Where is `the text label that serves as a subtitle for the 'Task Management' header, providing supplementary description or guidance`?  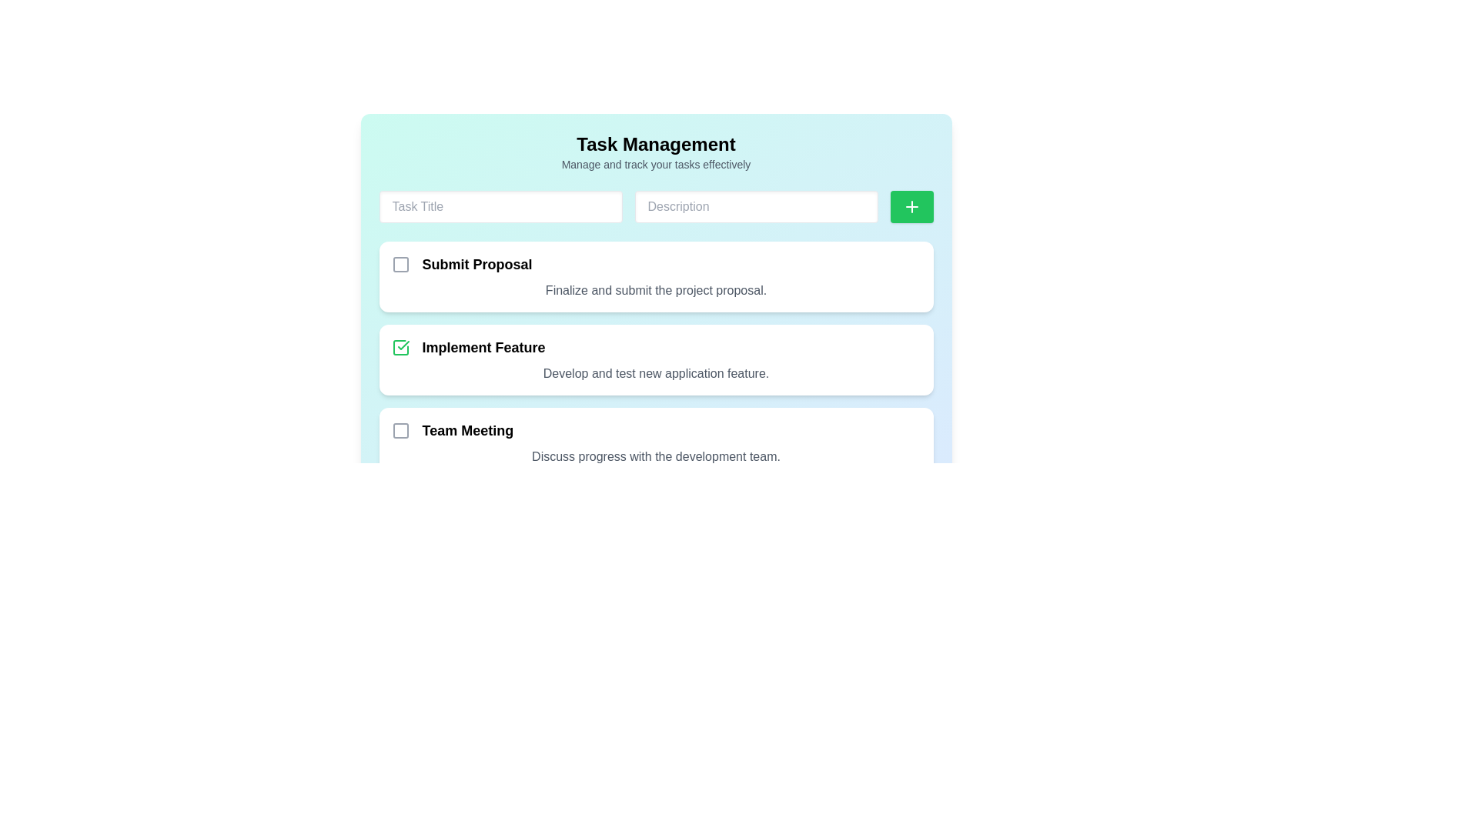 the text label that serves as a subtitle for the 'Task Management' header, providing supplementary description or guidance is located at coordinates (656, 164).